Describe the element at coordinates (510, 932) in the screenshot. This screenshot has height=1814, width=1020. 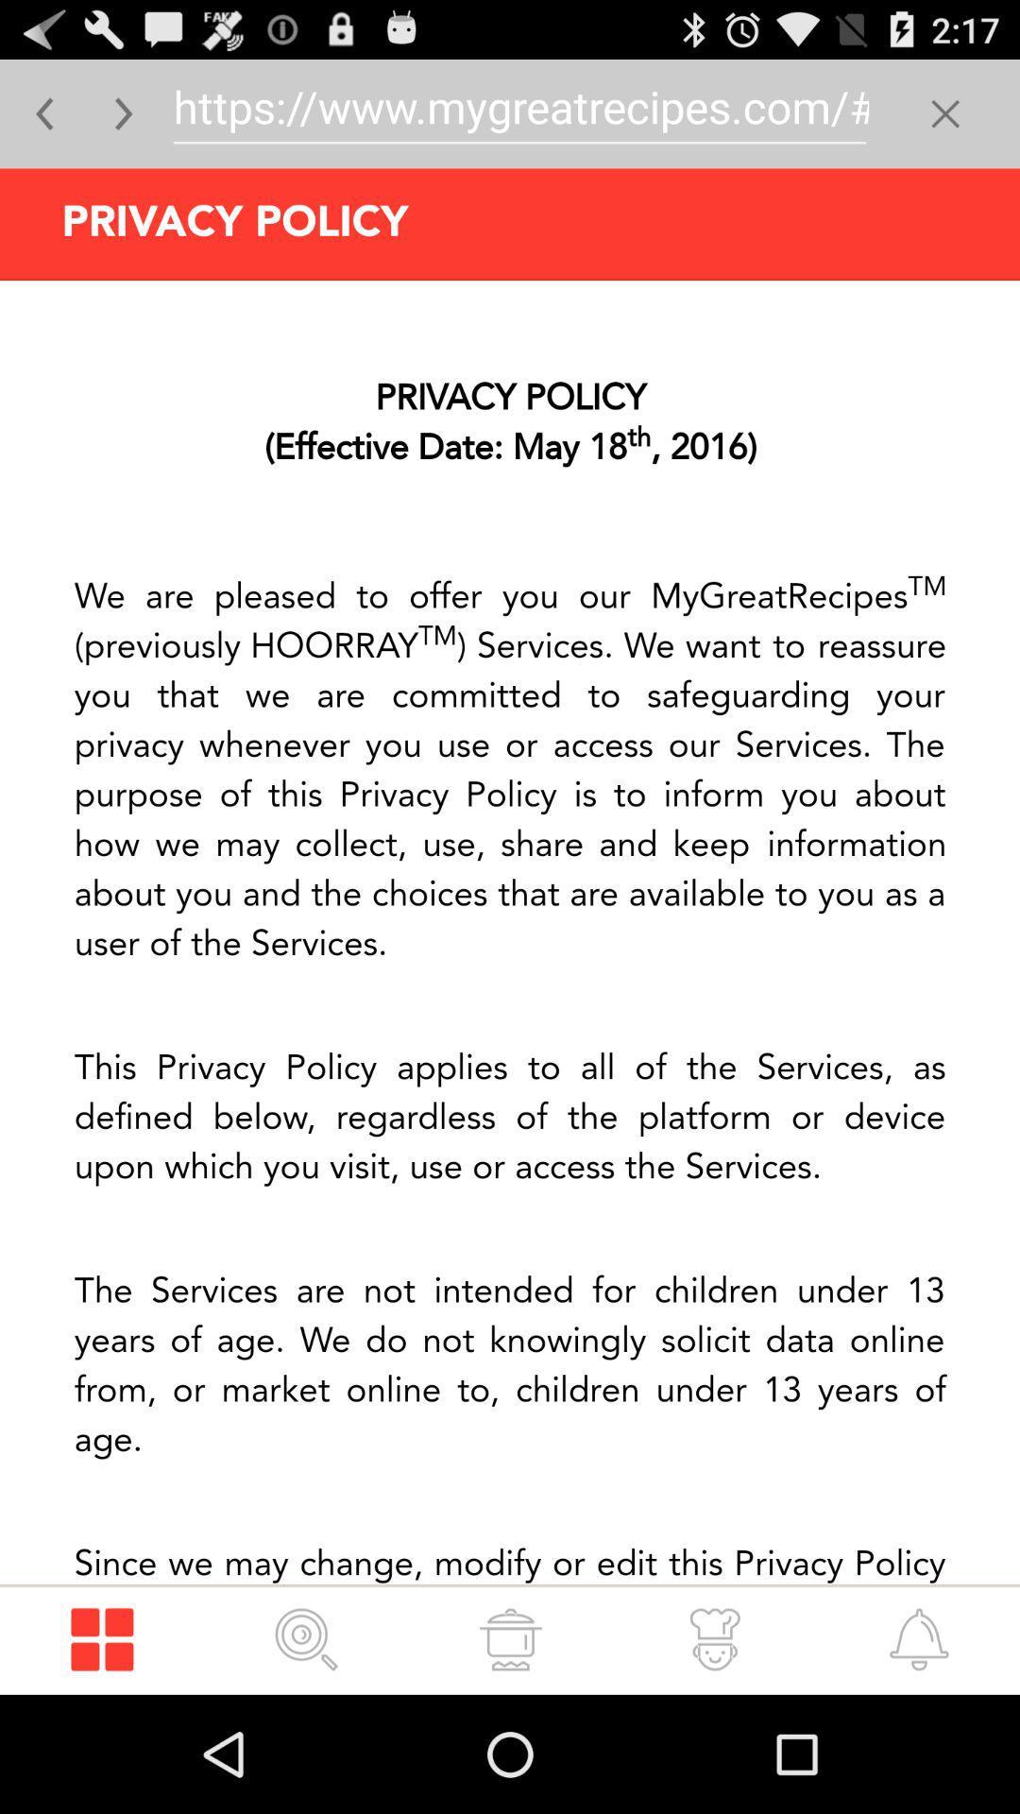
I see `advertisement` at that location.